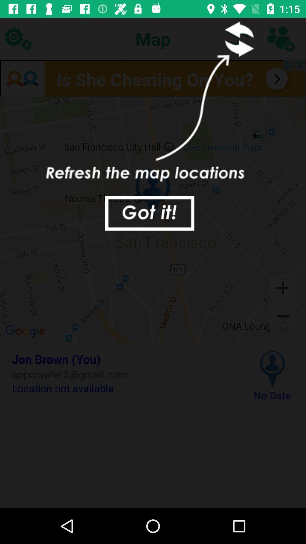  Describe the element at coordinates (17, 38) in the screenshot. I see `settings` at that location.